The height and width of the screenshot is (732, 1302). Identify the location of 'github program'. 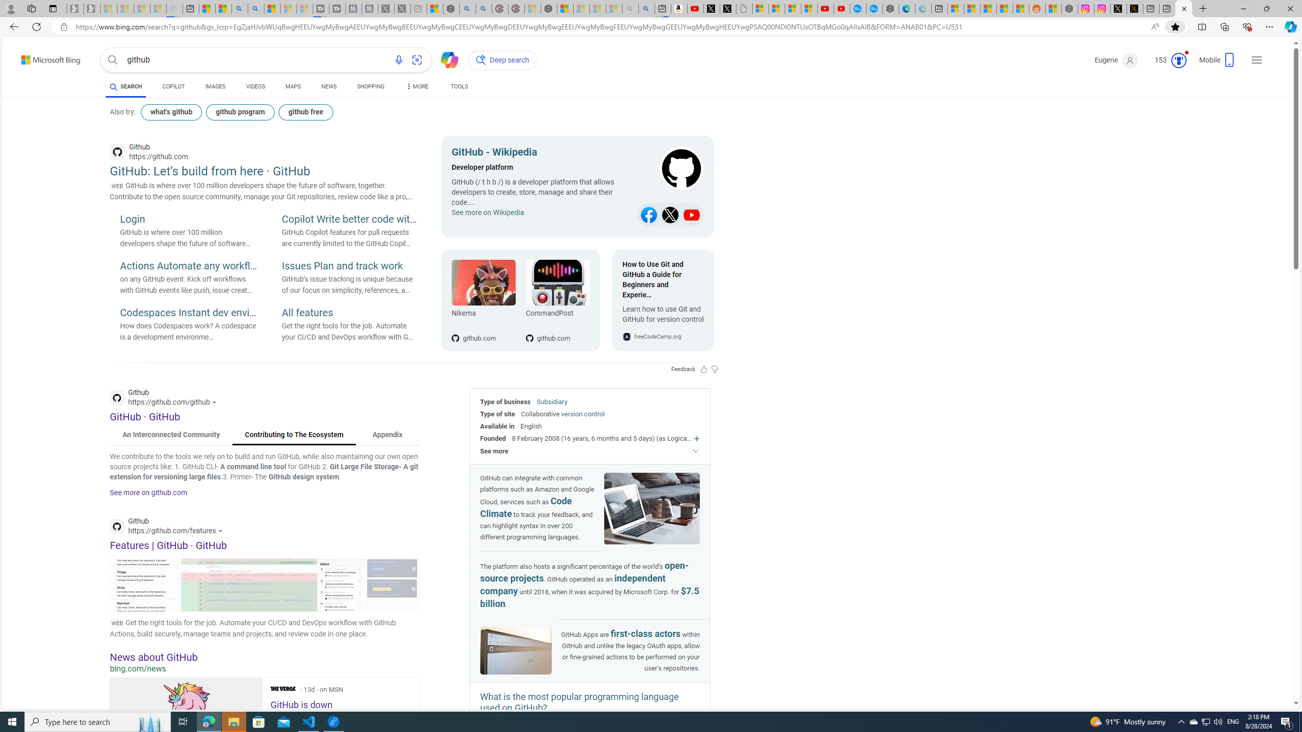
(240, 112).